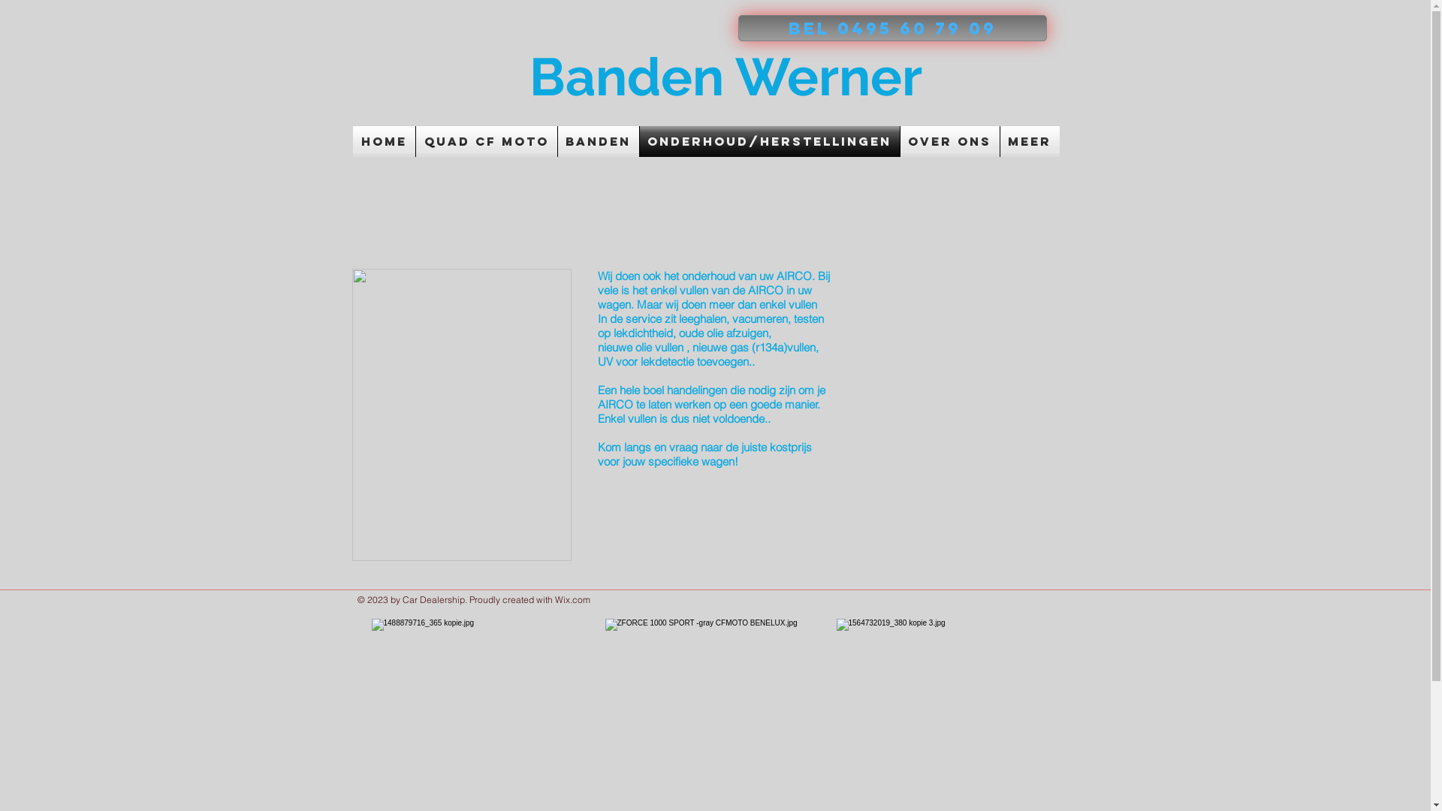 The height and width of the screenshot is (811, 1442). What do you see at coordinates (891, 28) in the screenshot?
I see `'BEl 0495 60 79 09'` at bounding box center [891, 28].